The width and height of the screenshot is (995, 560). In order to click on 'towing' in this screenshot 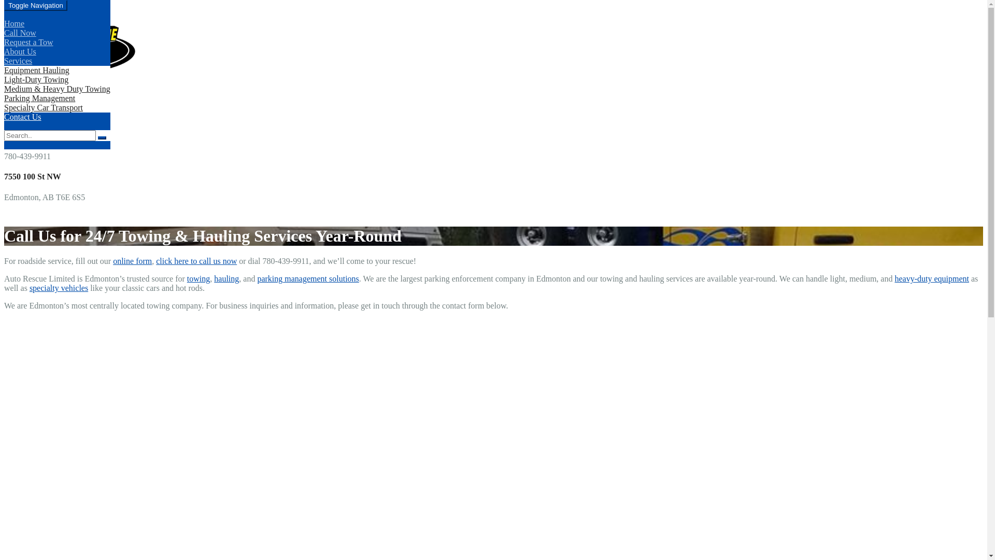, I will do `click(198, 278)`.